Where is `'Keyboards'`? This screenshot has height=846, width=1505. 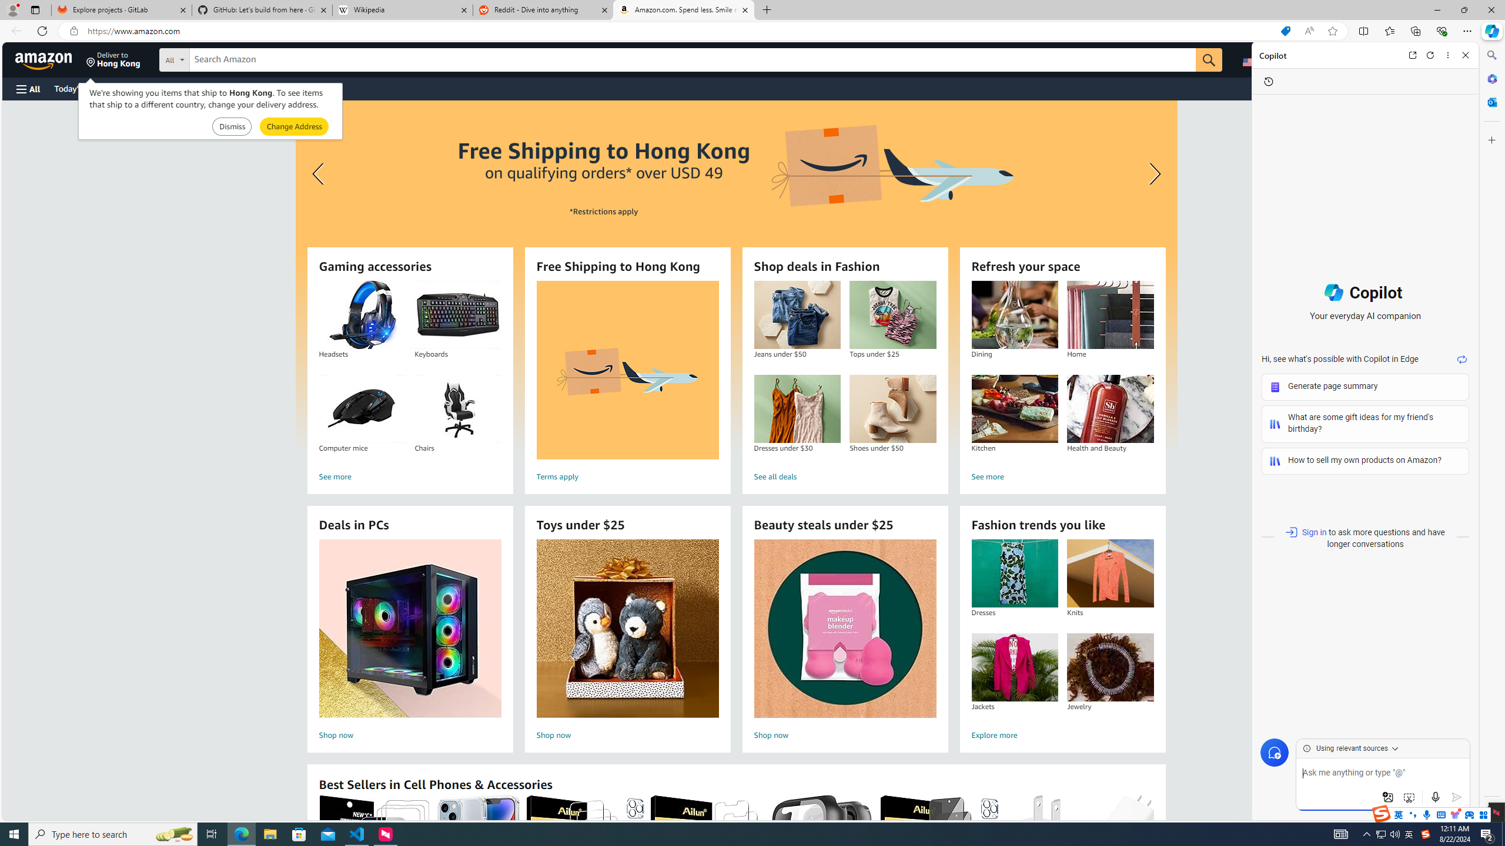
'Keyboards' is located at coordinates (457, 315).